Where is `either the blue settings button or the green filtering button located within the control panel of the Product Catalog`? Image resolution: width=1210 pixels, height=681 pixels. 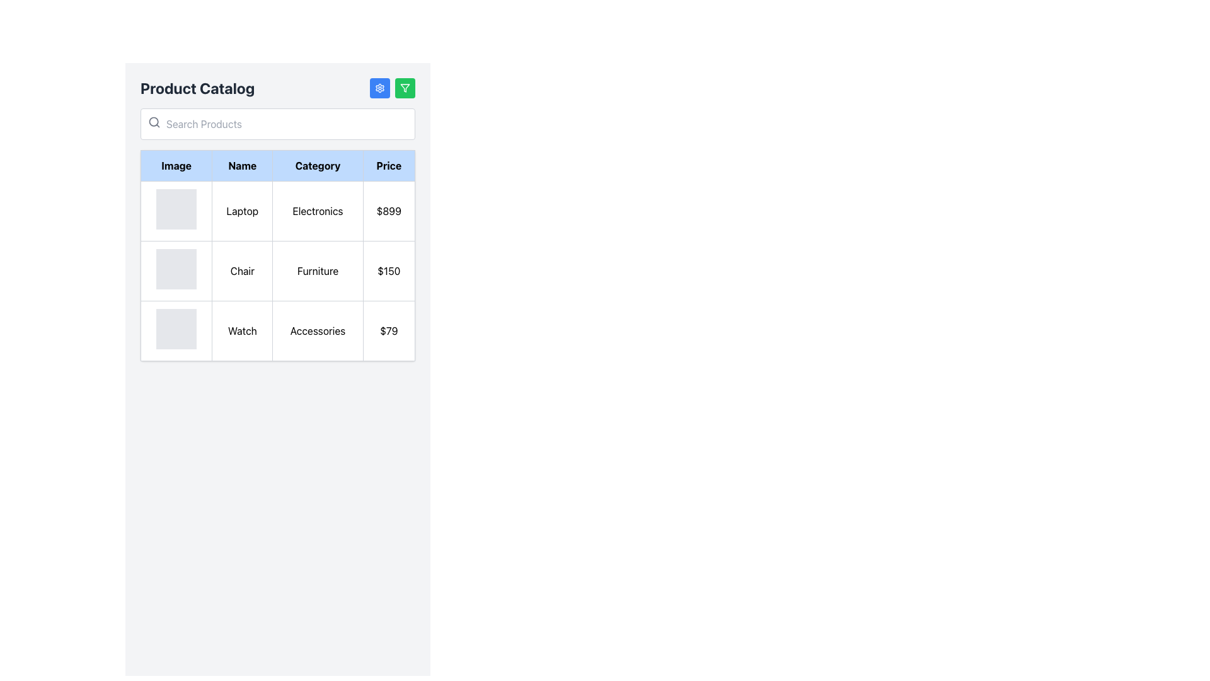
either the blue settings button or the green filtering button located within the control panel of the Product Catalog is located at coordinates (392, 87).